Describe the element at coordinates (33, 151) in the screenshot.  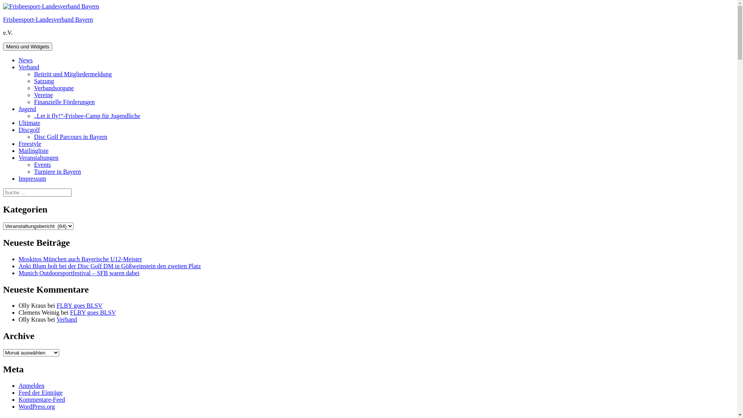
I see `'Mailingliste'` at that location.